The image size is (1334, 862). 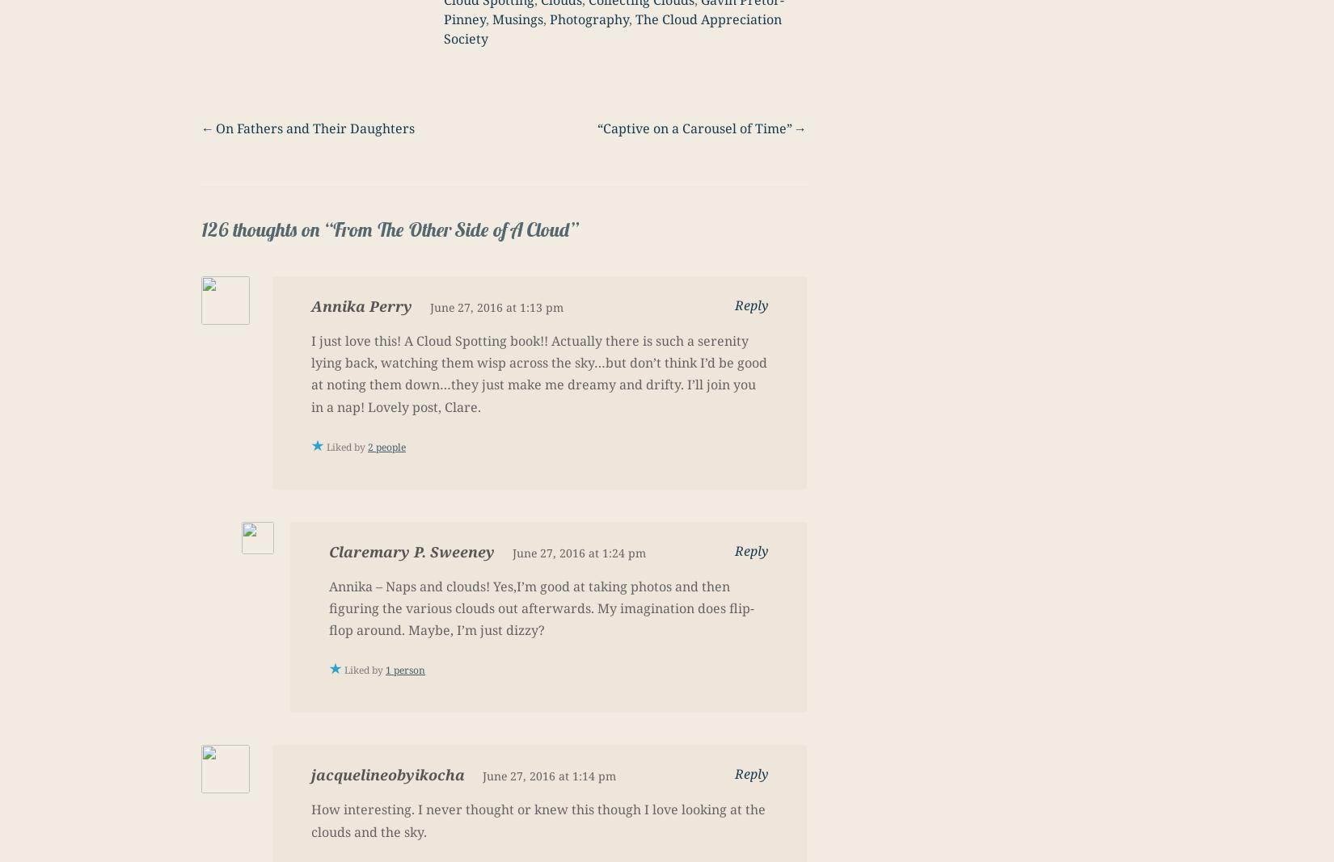 What do you see at coordinates (267, 229) in the screenshot?
I see `'126 thoughts on “'` at bounding box center [267, 229].